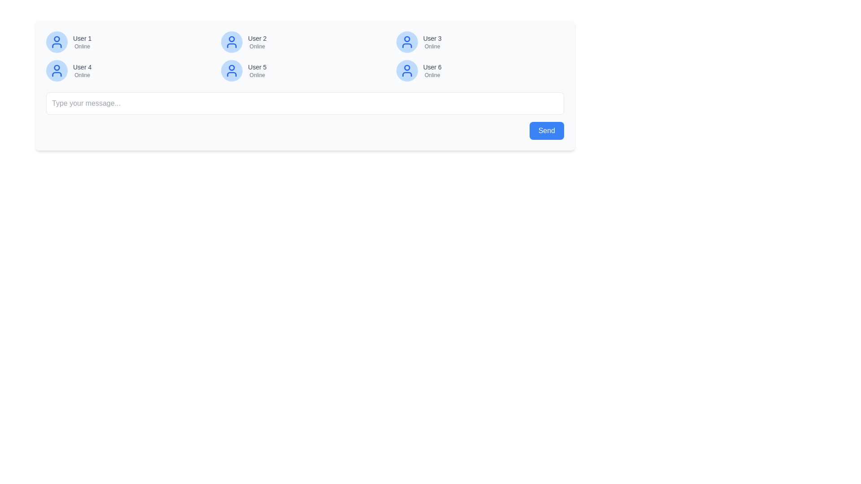 This screenshot has height=484, width=861. Describe the element at coordinates (56, 39) in the screenshot. I see `the circular component with a blue outline located at the top part of the leftmost user avatar icon` at that location.